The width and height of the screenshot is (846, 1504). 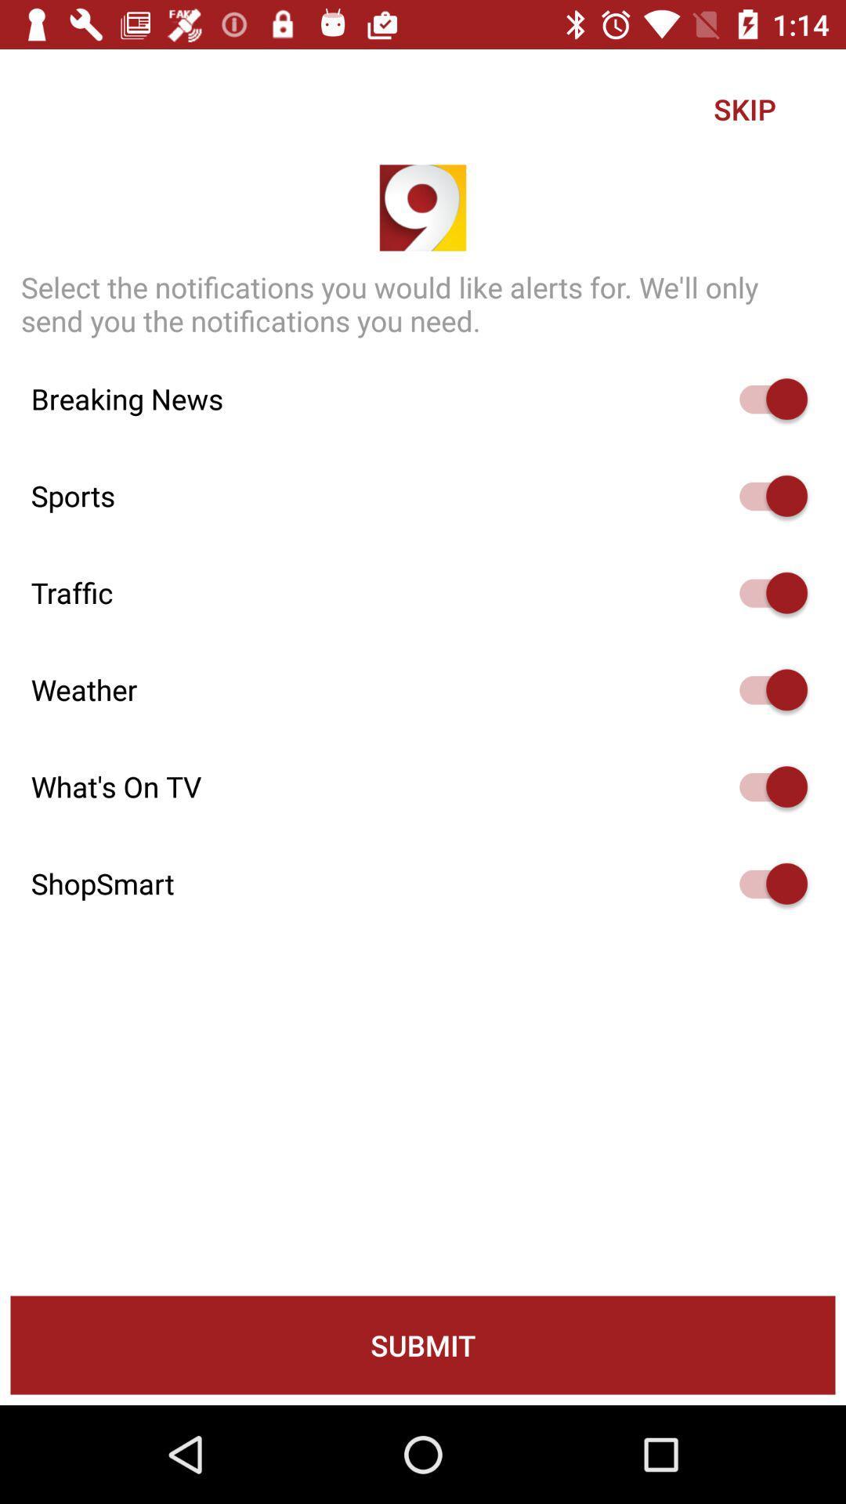 What do you see at coordinates (765, 495) in the screenshot?
I see `turn off option` at bounding box center [765, 495].